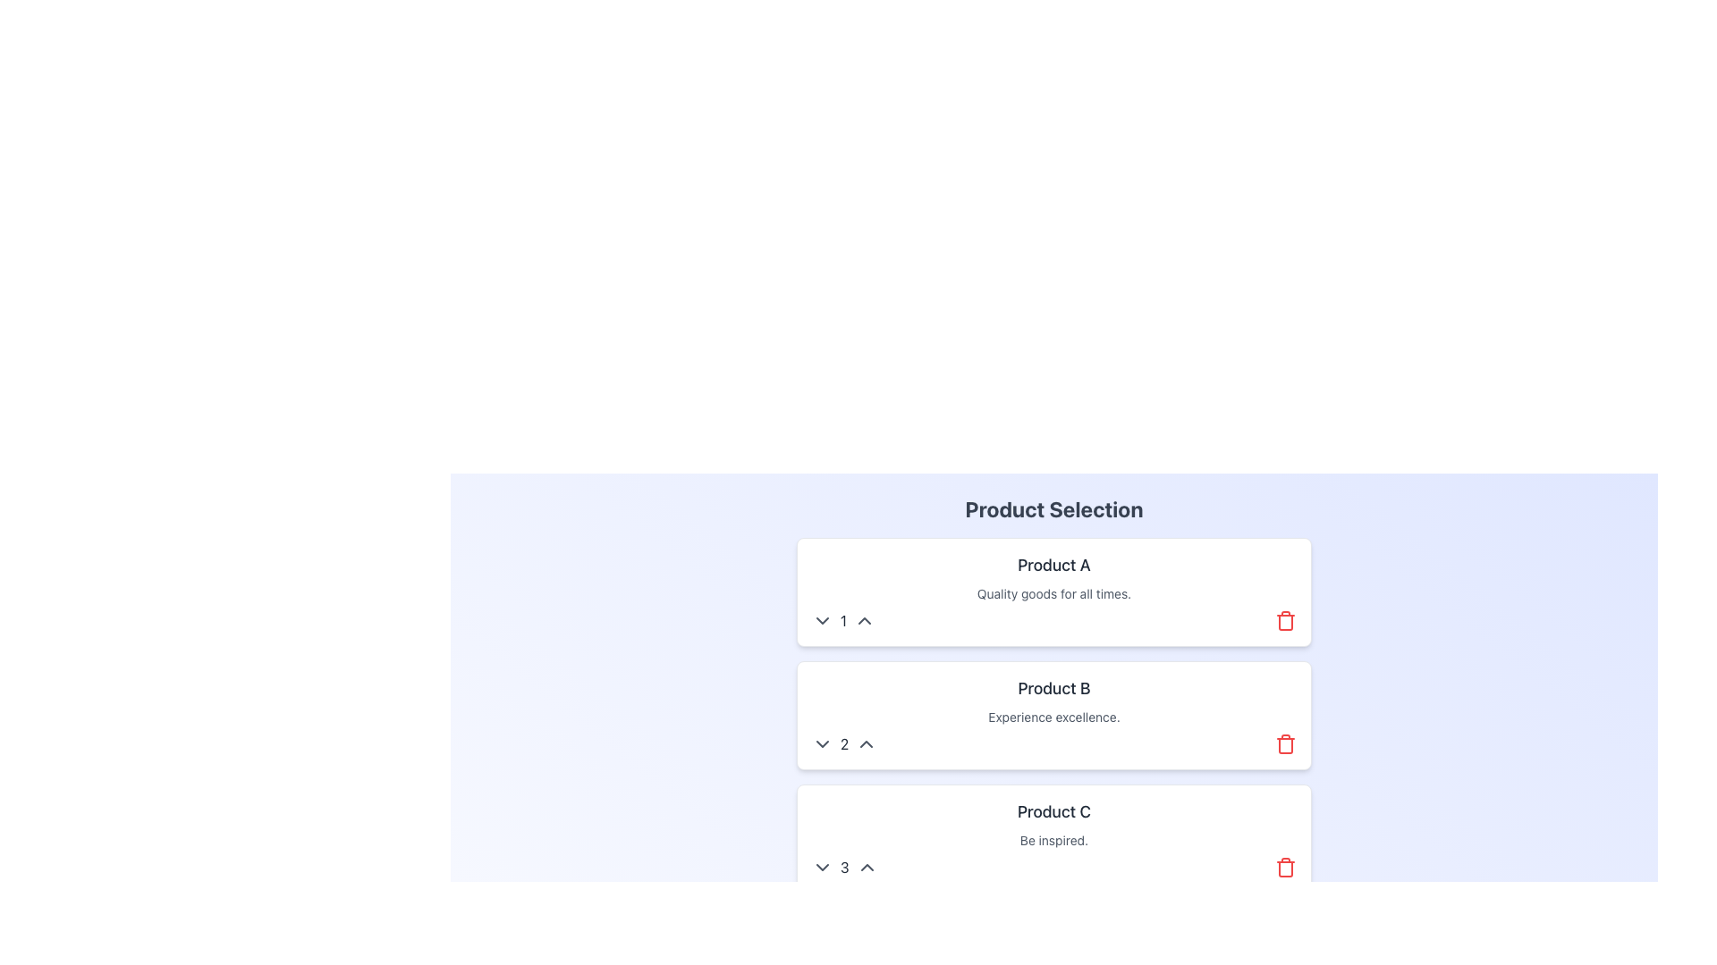 The image size is (1717, 965). What do you see at coordinates (1285, 619) in the screenshot?
I see `the clickable icon representing the deletion action for the associated item in the list` at bounding box center [1285, 619].